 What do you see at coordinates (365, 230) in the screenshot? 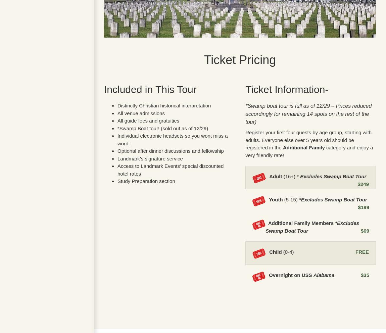
I see `'$69'` at bounding box center [365, 230].